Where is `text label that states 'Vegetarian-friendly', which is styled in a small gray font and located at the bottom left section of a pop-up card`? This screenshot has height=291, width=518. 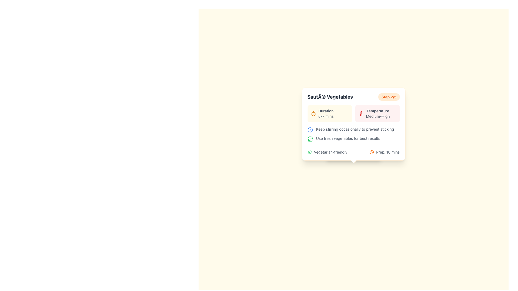 text label that states 'Vegetarian-friendly', which is styled in a small gray font and located at the bottom left section of a pop-up card is located at coordinates (330, 152).